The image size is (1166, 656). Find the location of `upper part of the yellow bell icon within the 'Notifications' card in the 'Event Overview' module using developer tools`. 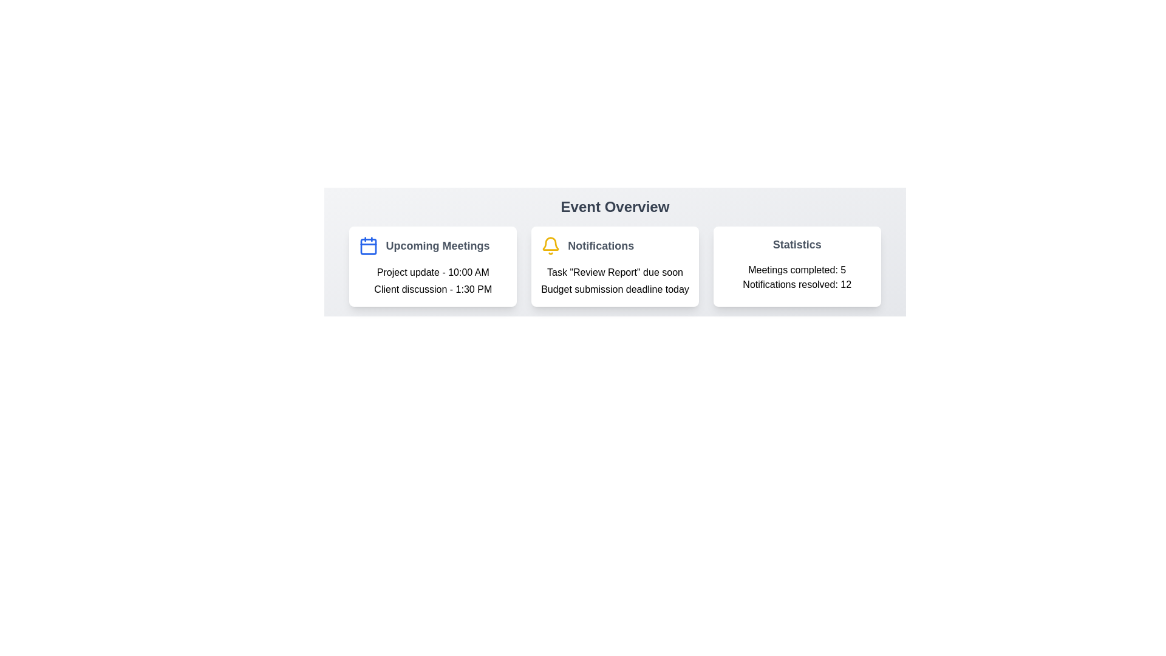

upper part of the yellow bell icon within the 'Notifications' card in the 'Event Overview' module using developer tools is located at coordinates (550, 244).